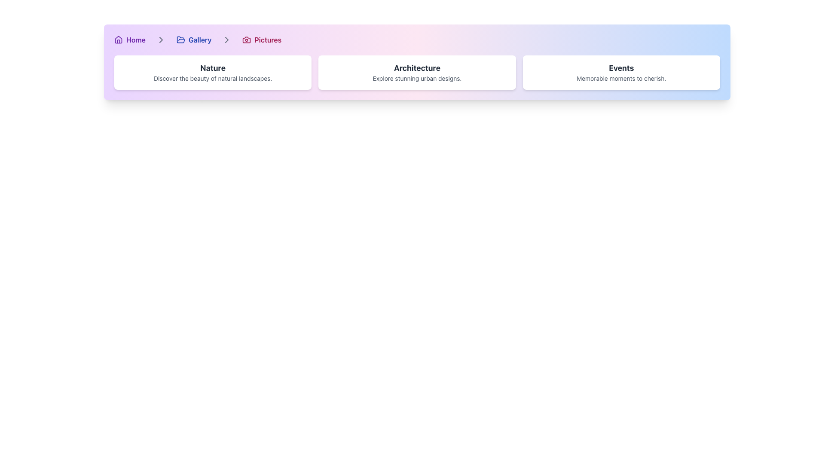 The image size is (825, 464). What do you see at coordinates (246, 40) in the screenshot?
I see `the camera icon that represents 'Pictures' in the breadcrumb navigation bar, positioned to the left of the text 'Pictures'` at bounding box center [246, 40].